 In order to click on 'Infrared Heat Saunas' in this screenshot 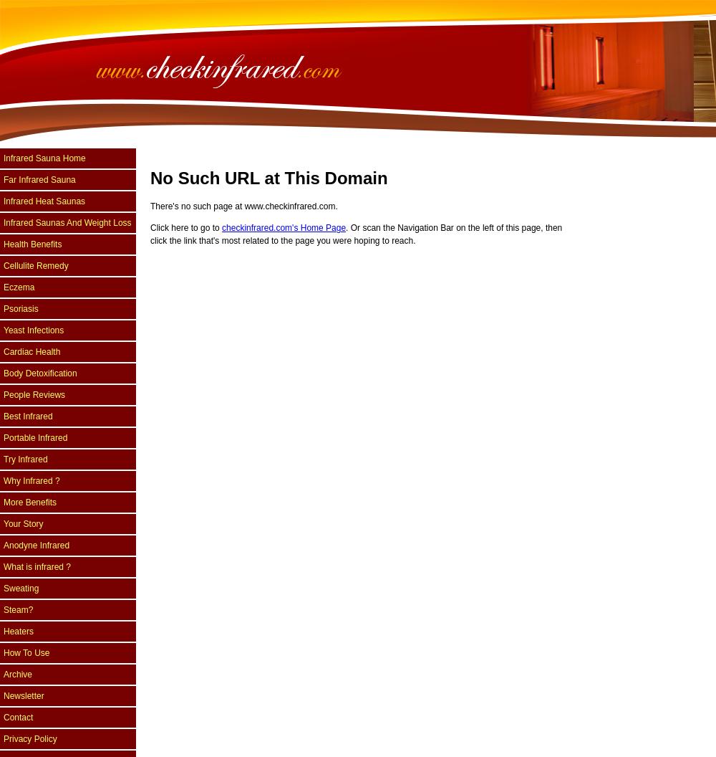, I will do `click(44, 201)`.